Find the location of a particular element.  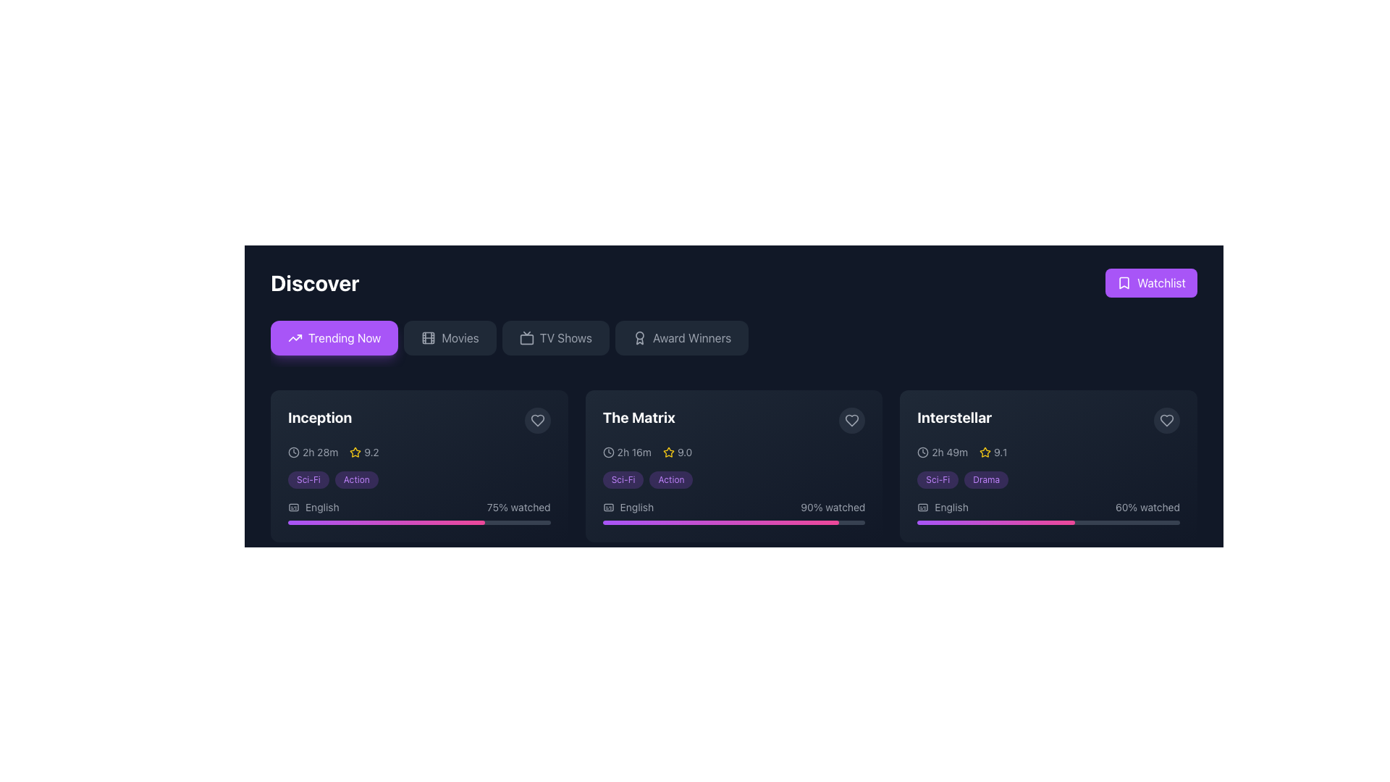

the Decorative SVG graphic (circle) with a simple border and no fill, located in the upper section of the interface adjacent to navigation buttons is located at coordinates (639, 335).